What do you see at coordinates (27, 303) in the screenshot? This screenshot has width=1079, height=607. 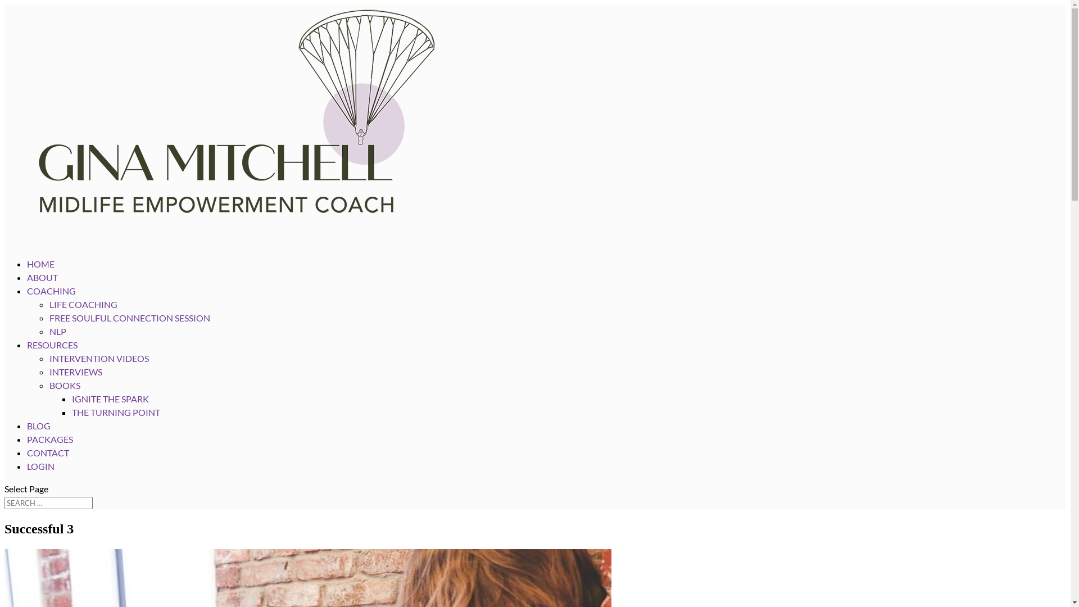 I see `'COACHING'` at bounding box center [27, 303].